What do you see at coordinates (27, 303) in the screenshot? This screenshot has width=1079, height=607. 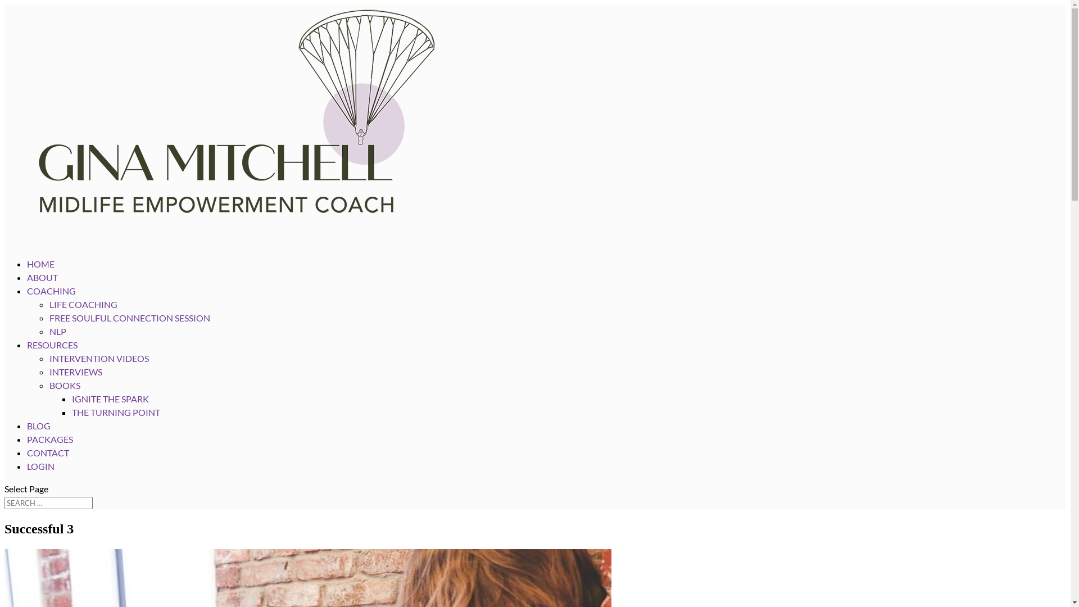 I see `'COACHING'` at bounding box center [27, 303].